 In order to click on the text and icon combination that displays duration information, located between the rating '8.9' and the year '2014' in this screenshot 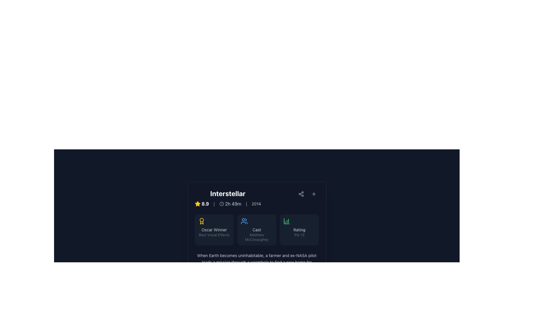, I will do `click(230, 203)`.